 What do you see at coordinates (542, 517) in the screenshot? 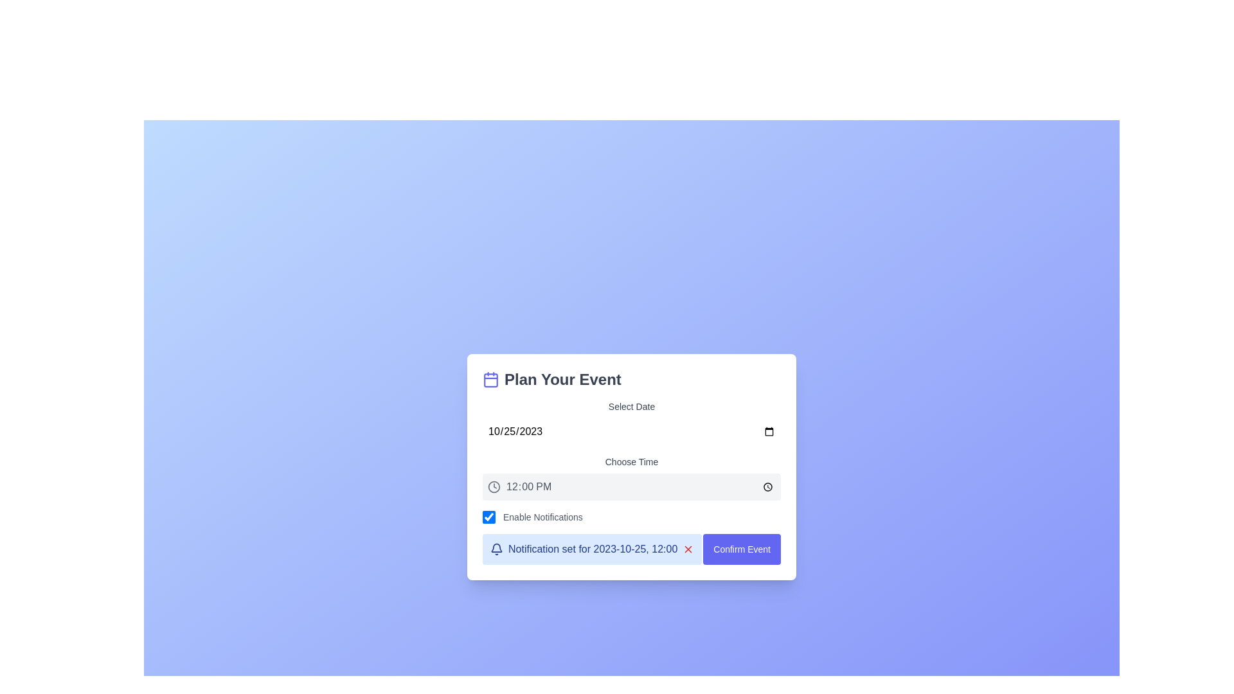
I see `the text label displaying 'Enable Notifications' which is aligned with a checkbox on the event planning form` at bounding box center [542, 517].